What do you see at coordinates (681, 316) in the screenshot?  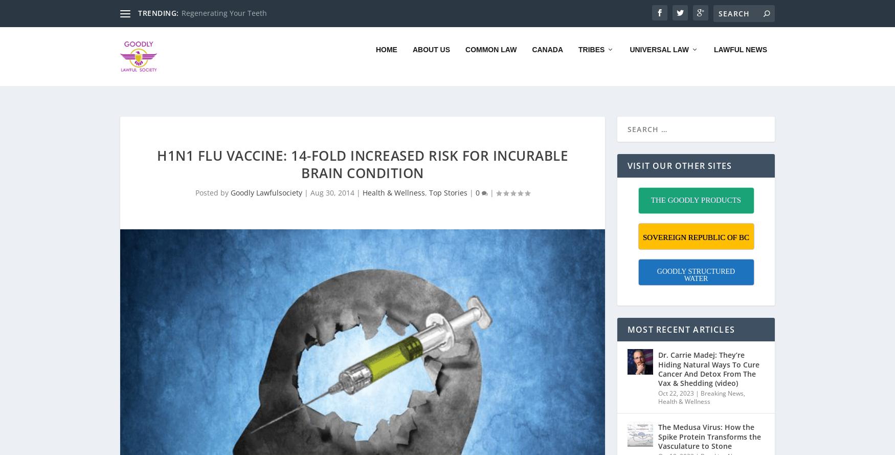 I see `'Most Recent Articles'` at bounding box center [681, 316].